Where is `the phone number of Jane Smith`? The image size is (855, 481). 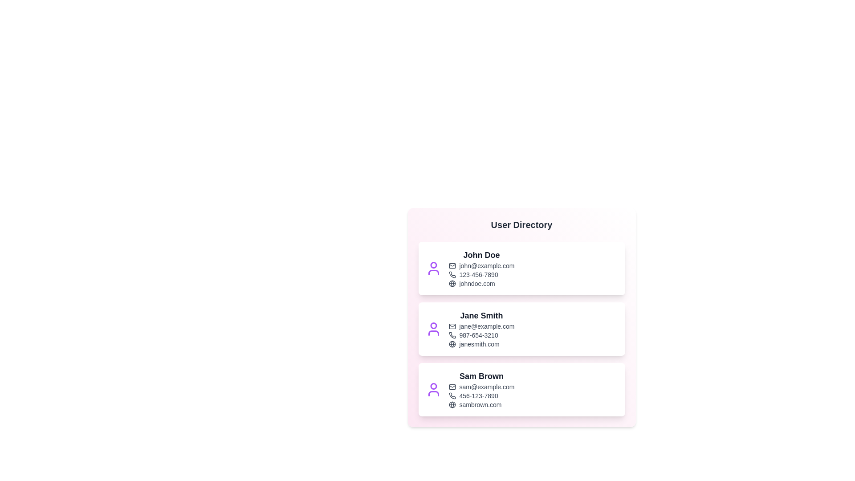
the phone number of Jane Smith is located at coordinates (481, 335).